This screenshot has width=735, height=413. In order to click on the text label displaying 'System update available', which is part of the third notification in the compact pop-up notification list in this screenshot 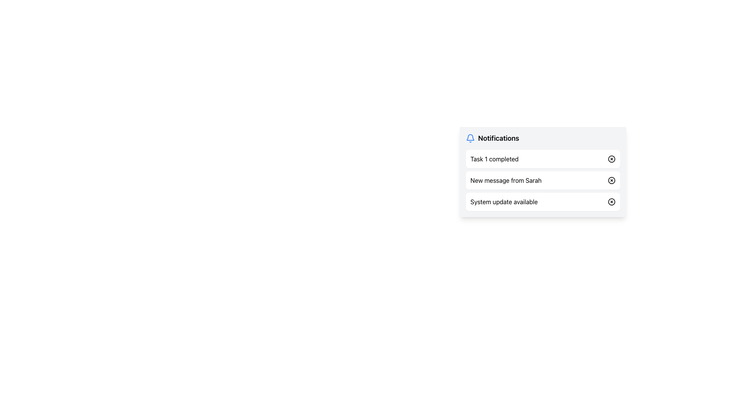, I will do `click(504, 202)`.